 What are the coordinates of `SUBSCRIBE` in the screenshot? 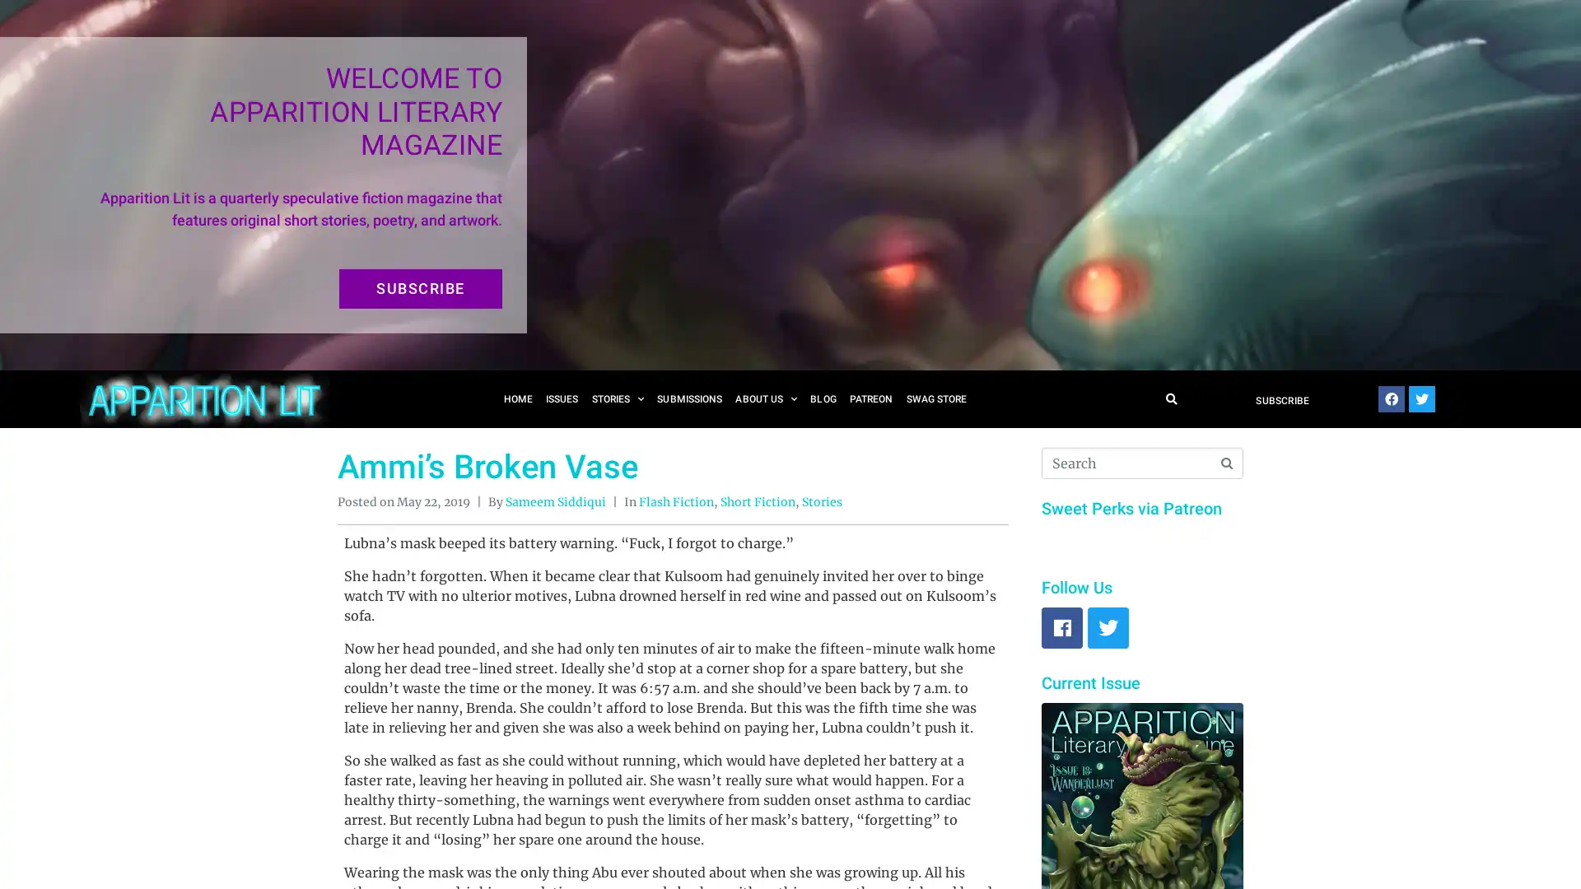 It's located at (420, 288).